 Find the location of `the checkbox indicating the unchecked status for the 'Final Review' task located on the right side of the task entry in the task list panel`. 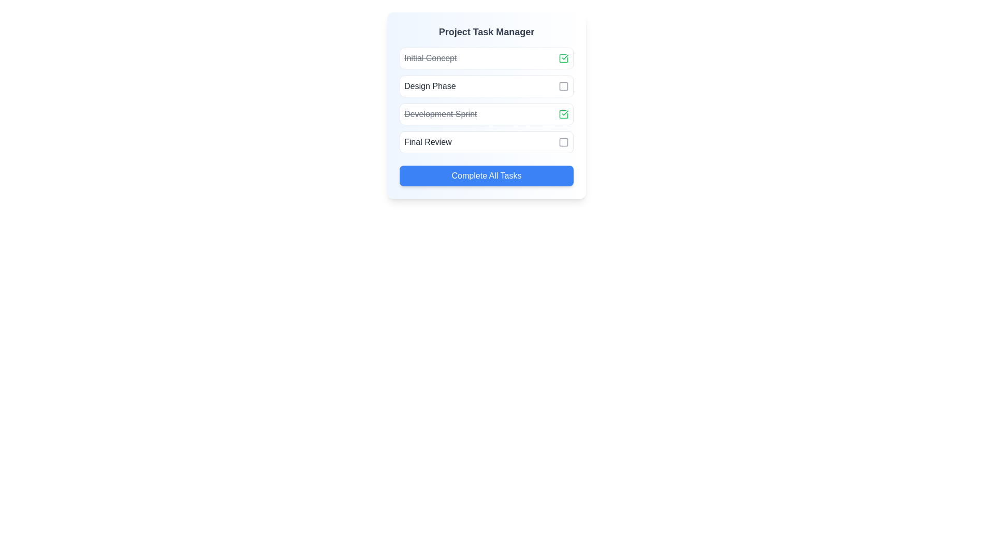

the checkbox indicating the unchecked status for the 'Final Review' task located on the right side of the task entry in the task list panel is located at coordinates (563, 142).